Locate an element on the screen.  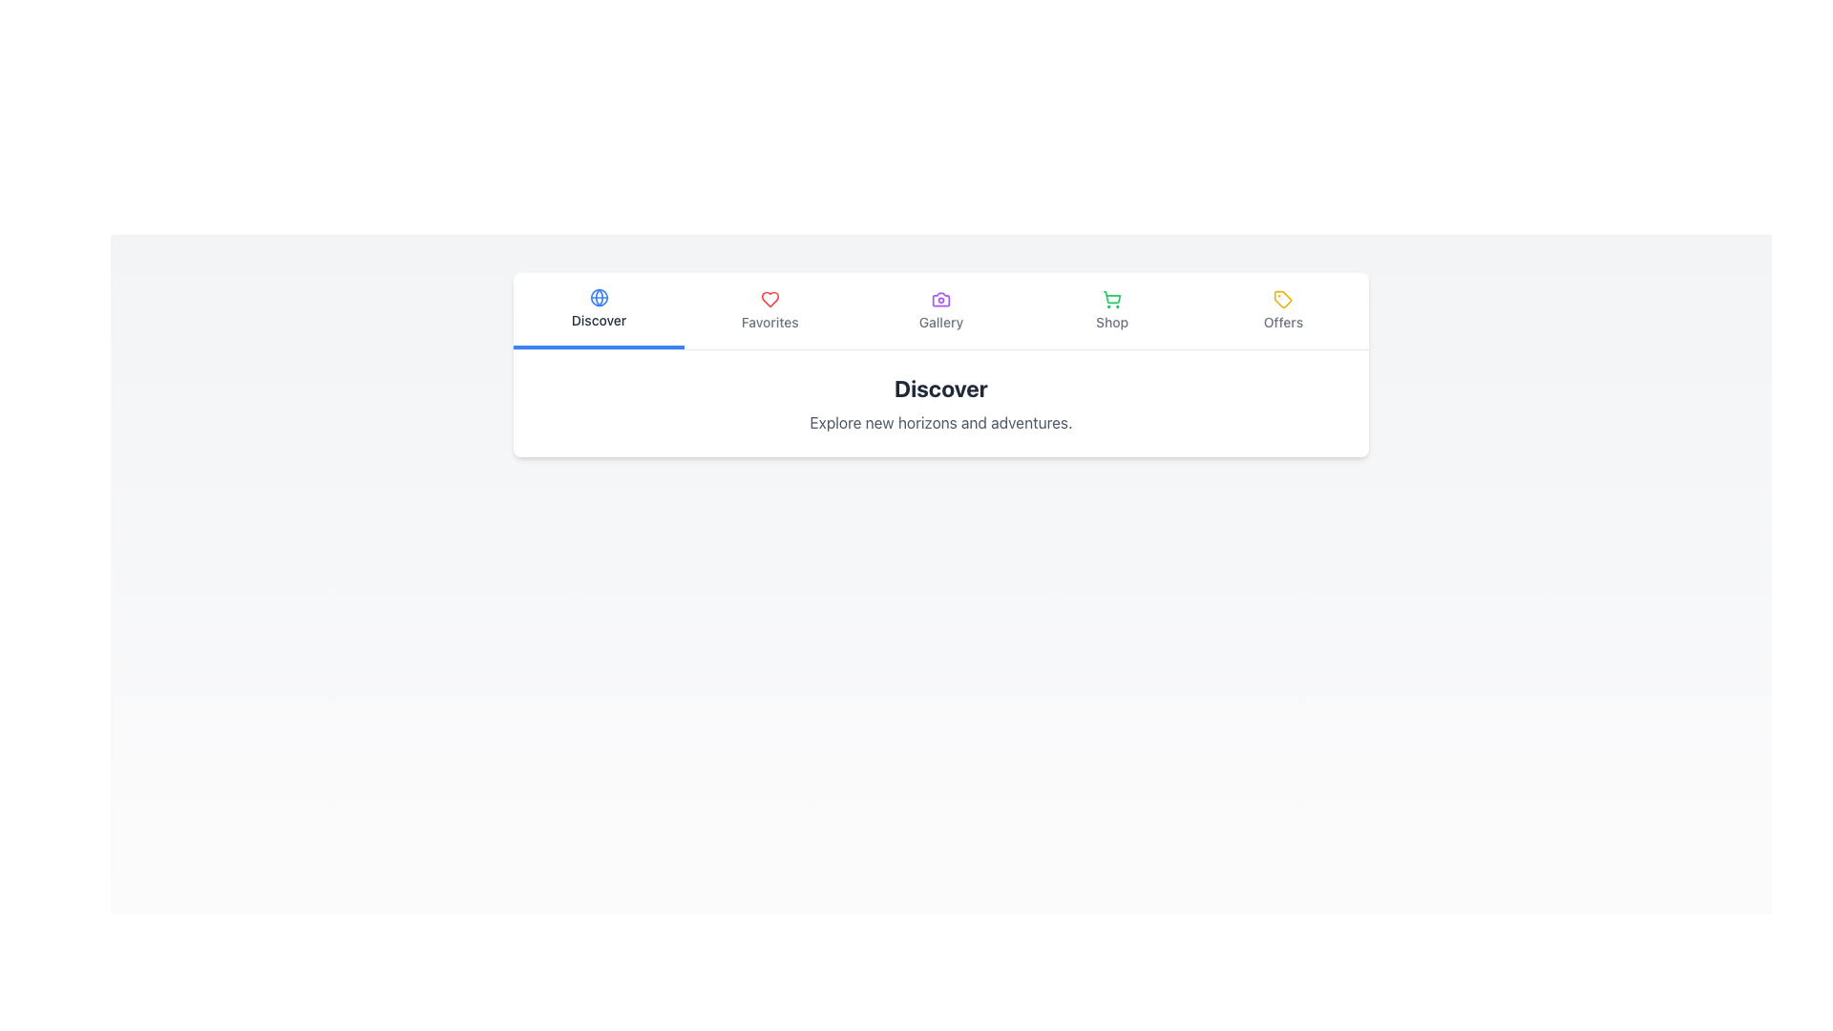
the 'Shop' icon (Shopping cart) located in the center top navigation bar is located at coordinates (1112, 299).